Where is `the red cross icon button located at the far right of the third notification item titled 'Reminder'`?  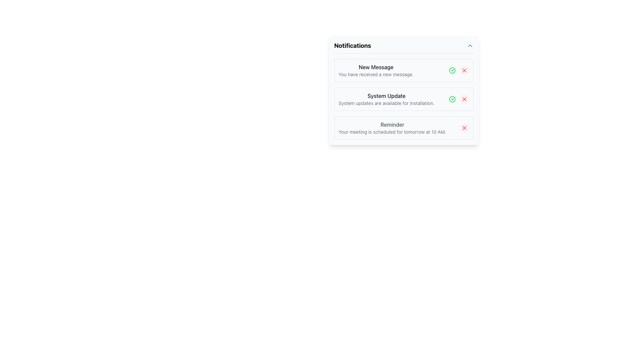
the red cross icon button located at the far right of the third notification item titled 'Reminder' is located at coordinates (464, 128).